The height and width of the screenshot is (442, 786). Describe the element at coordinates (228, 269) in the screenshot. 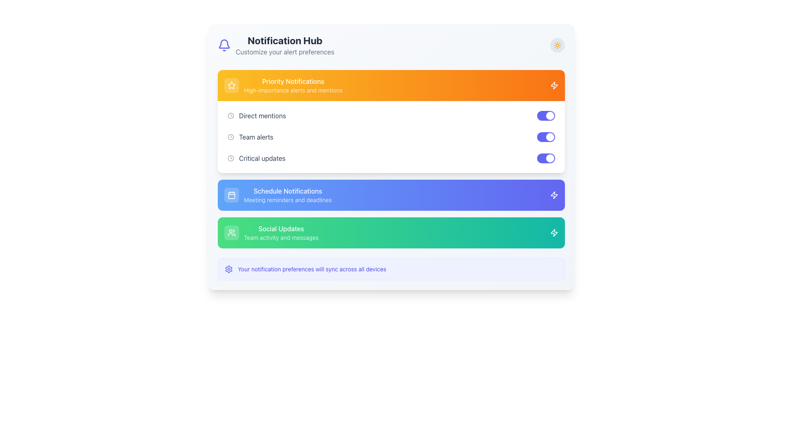

I see `the gear-shaped icon located at the top-right corner of the interface` at that location.